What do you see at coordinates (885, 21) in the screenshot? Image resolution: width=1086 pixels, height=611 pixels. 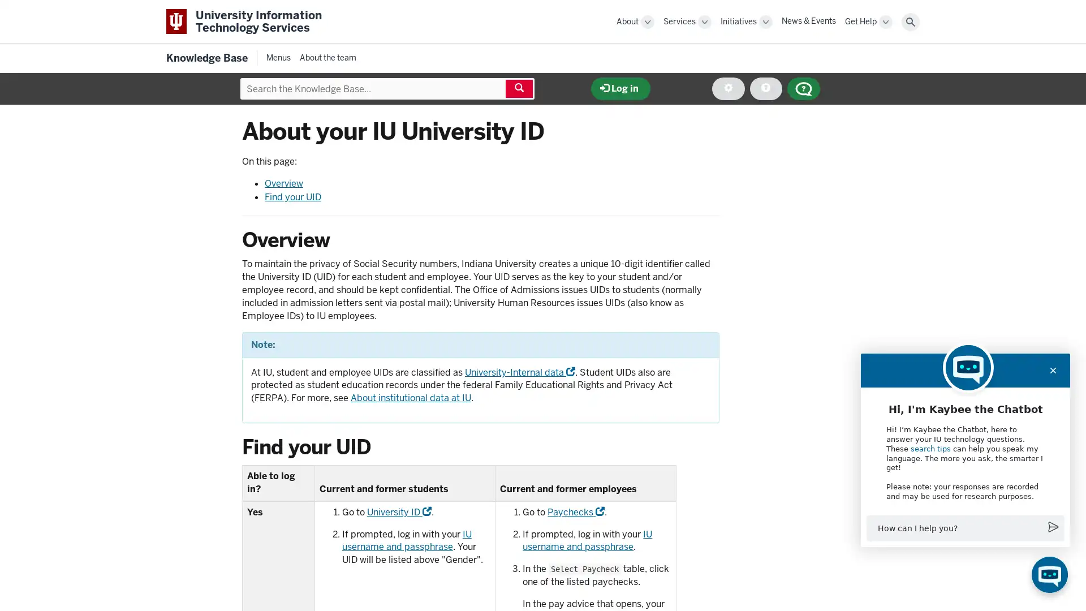 I see `Toggle Get Help navigation` at bounding box center [885, 21].